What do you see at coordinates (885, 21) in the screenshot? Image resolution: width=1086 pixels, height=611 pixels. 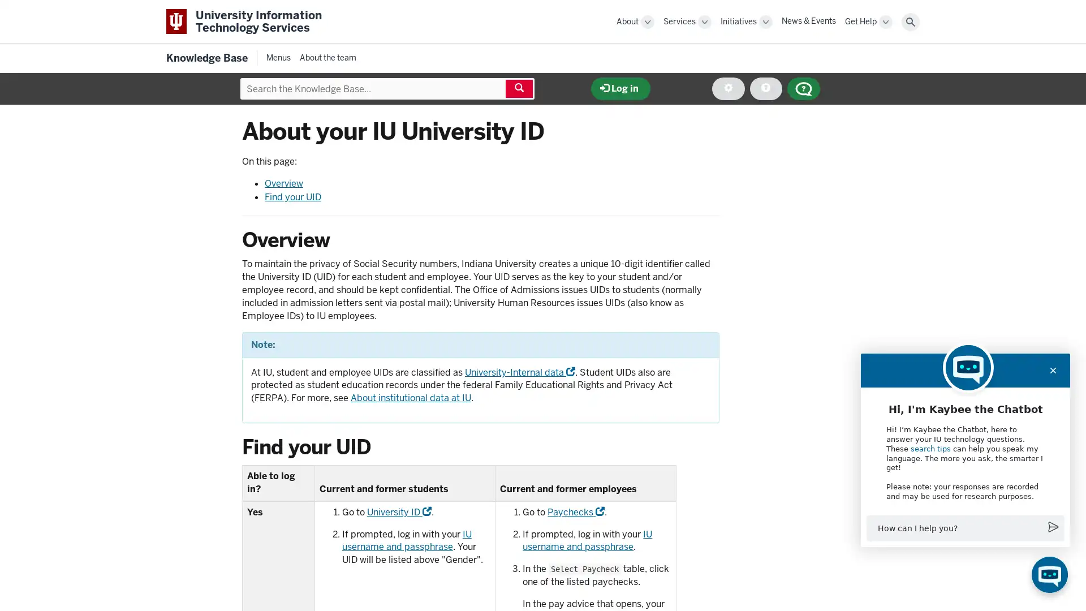 I see `Toggle Get Help navigation` at bounding box center [885, 21].